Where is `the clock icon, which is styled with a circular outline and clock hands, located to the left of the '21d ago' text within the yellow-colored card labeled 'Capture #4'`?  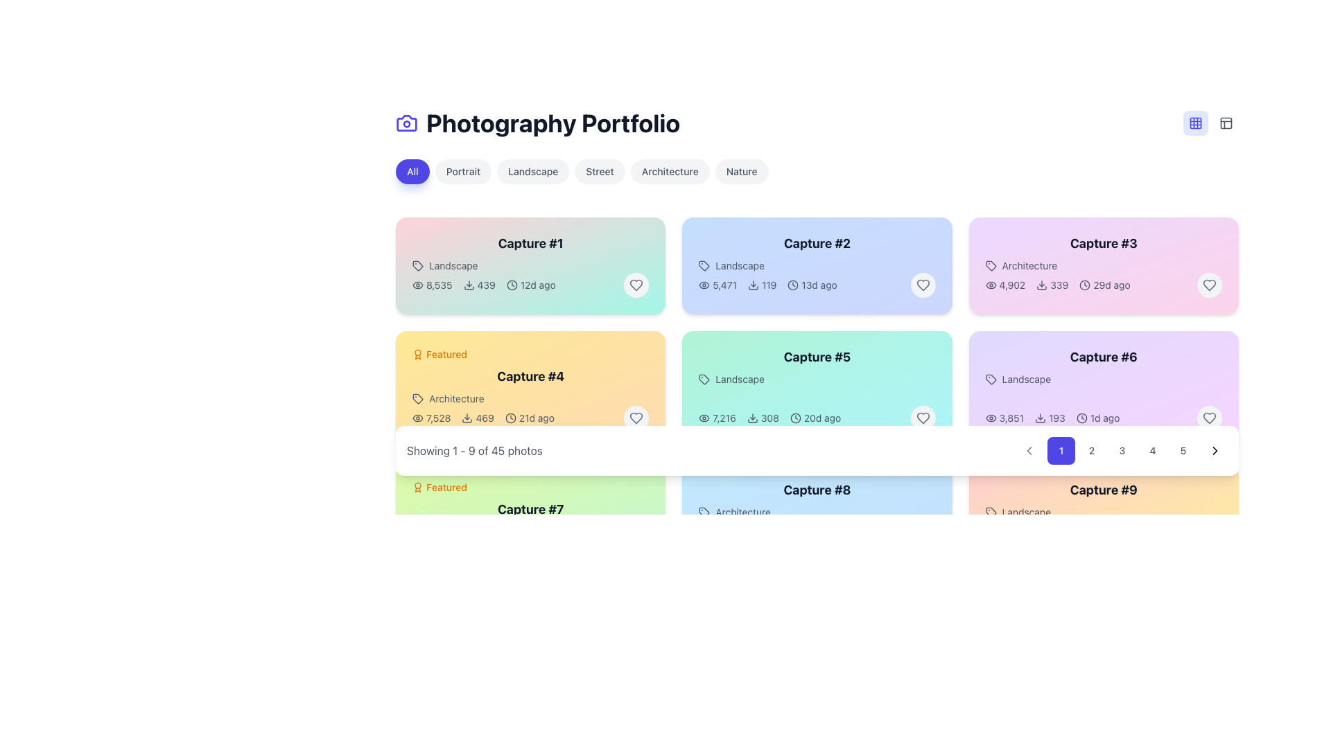 the clock icon, which is styled with a circular outline and clock hands, located to the left of the '21d ago' text within the yellow-colored card labeled 'Capture #4' is located at coordinates (510, 418).